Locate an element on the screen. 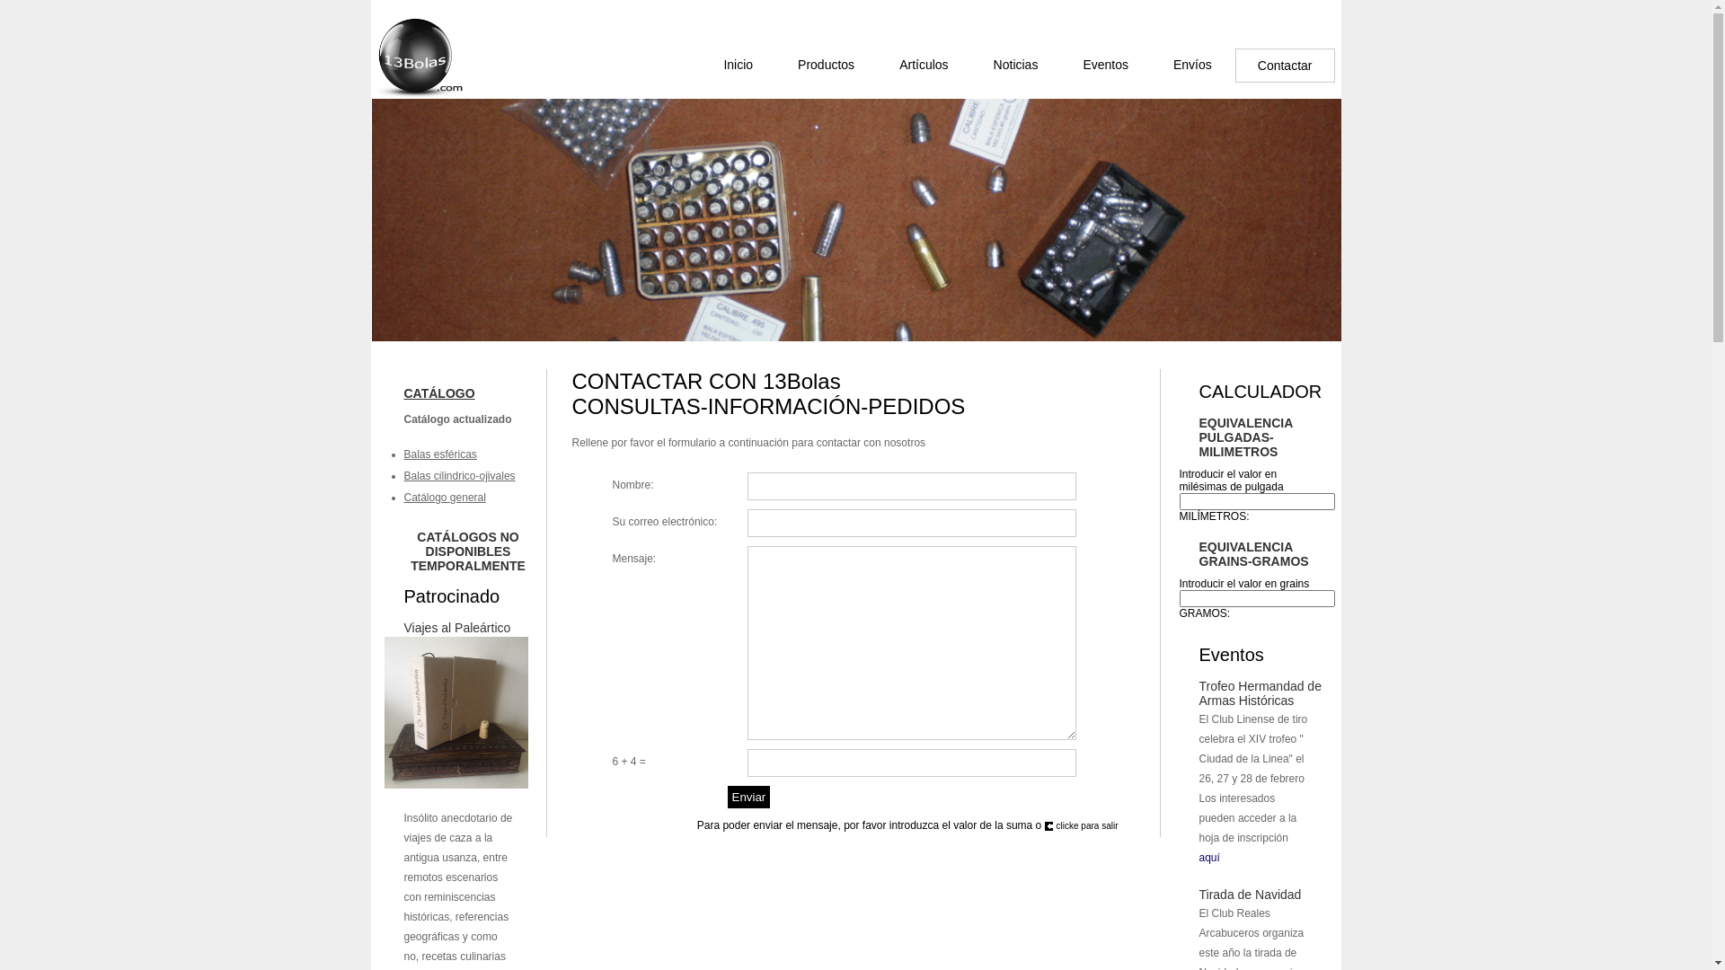 This screenshot has height=970, width=1725. 'Balas cilindrico-ojivales' is located at coordinates (460, 474).